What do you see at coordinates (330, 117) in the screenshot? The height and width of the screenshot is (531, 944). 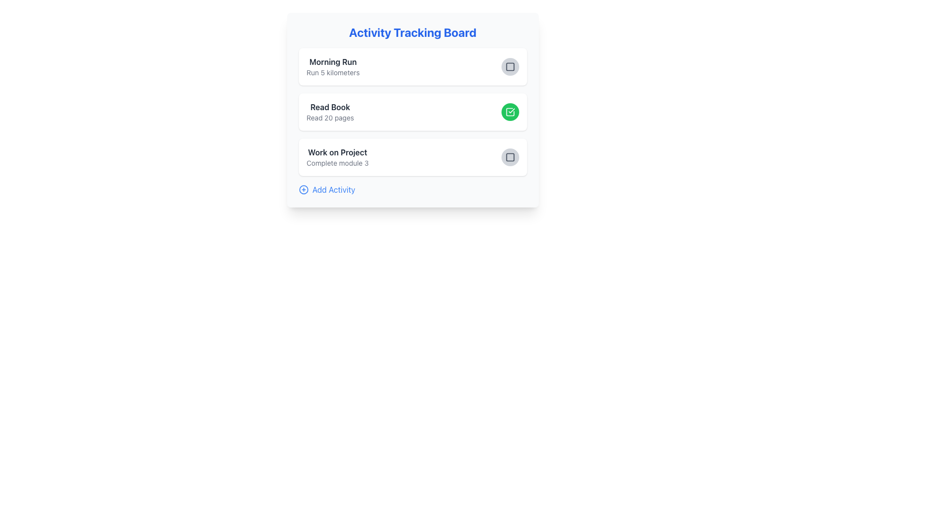 I see `the text label that reads 'Read 20 pages', which is styled in a smaller gray font and located below 'Read Book' in the activity tracker box` at bounding box center [330, 117].